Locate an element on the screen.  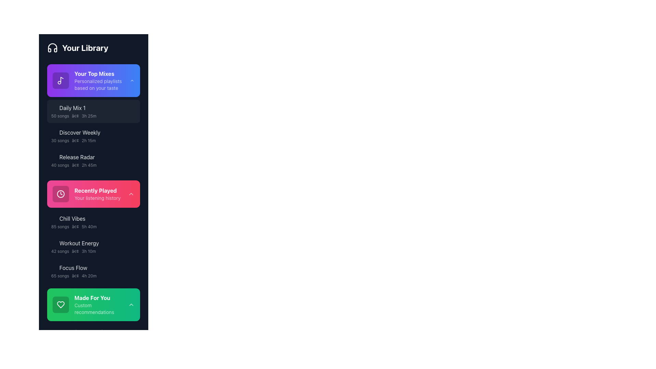
the circular icon located at the bottom-right of the side menu, adjacent is located at coordinates (133, 271).